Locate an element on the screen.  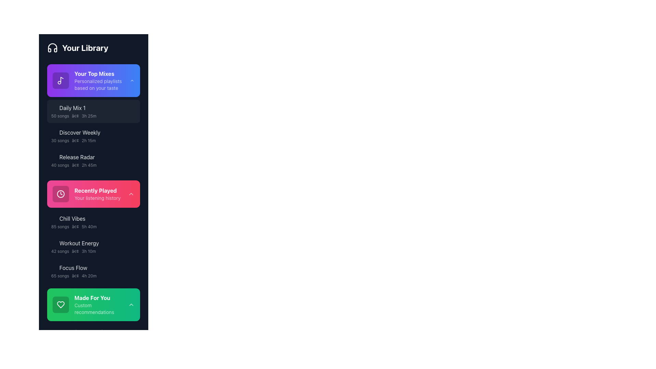
the circular icon located at the bottom-right of the side menu, adjacent is located at coordinates (133, 271).